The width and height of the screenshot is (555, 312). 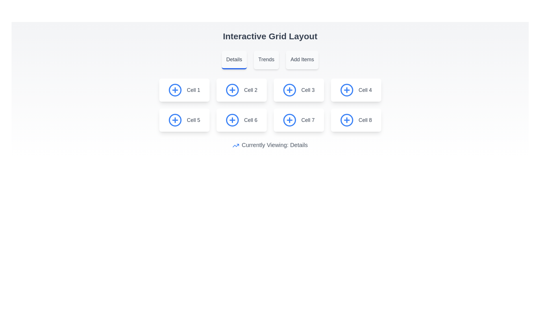 I want to click on the button labeled 'Cell 2' which contains a blue-bordered SVG circle within a plus sign icon, so click(x=232, y=90).